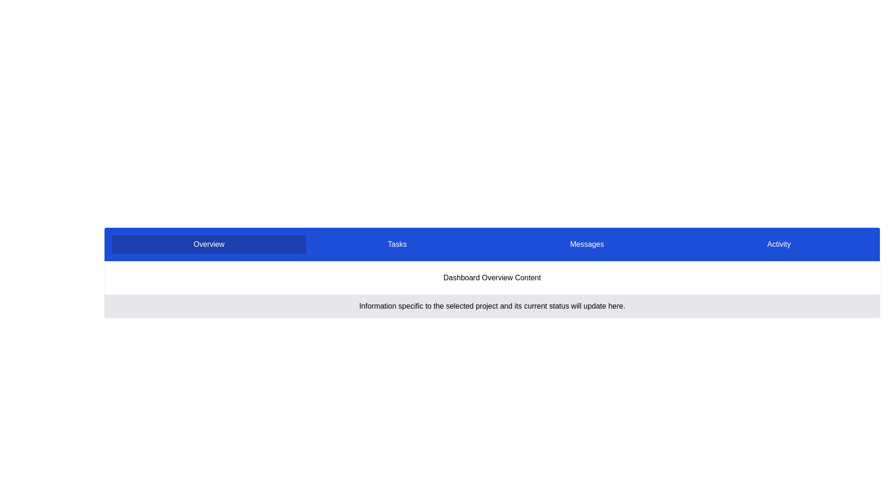 This screenshot has width=892, height=502. I want to click on the tab labeled 'Messages' to display its associated content, so click(586, 244).